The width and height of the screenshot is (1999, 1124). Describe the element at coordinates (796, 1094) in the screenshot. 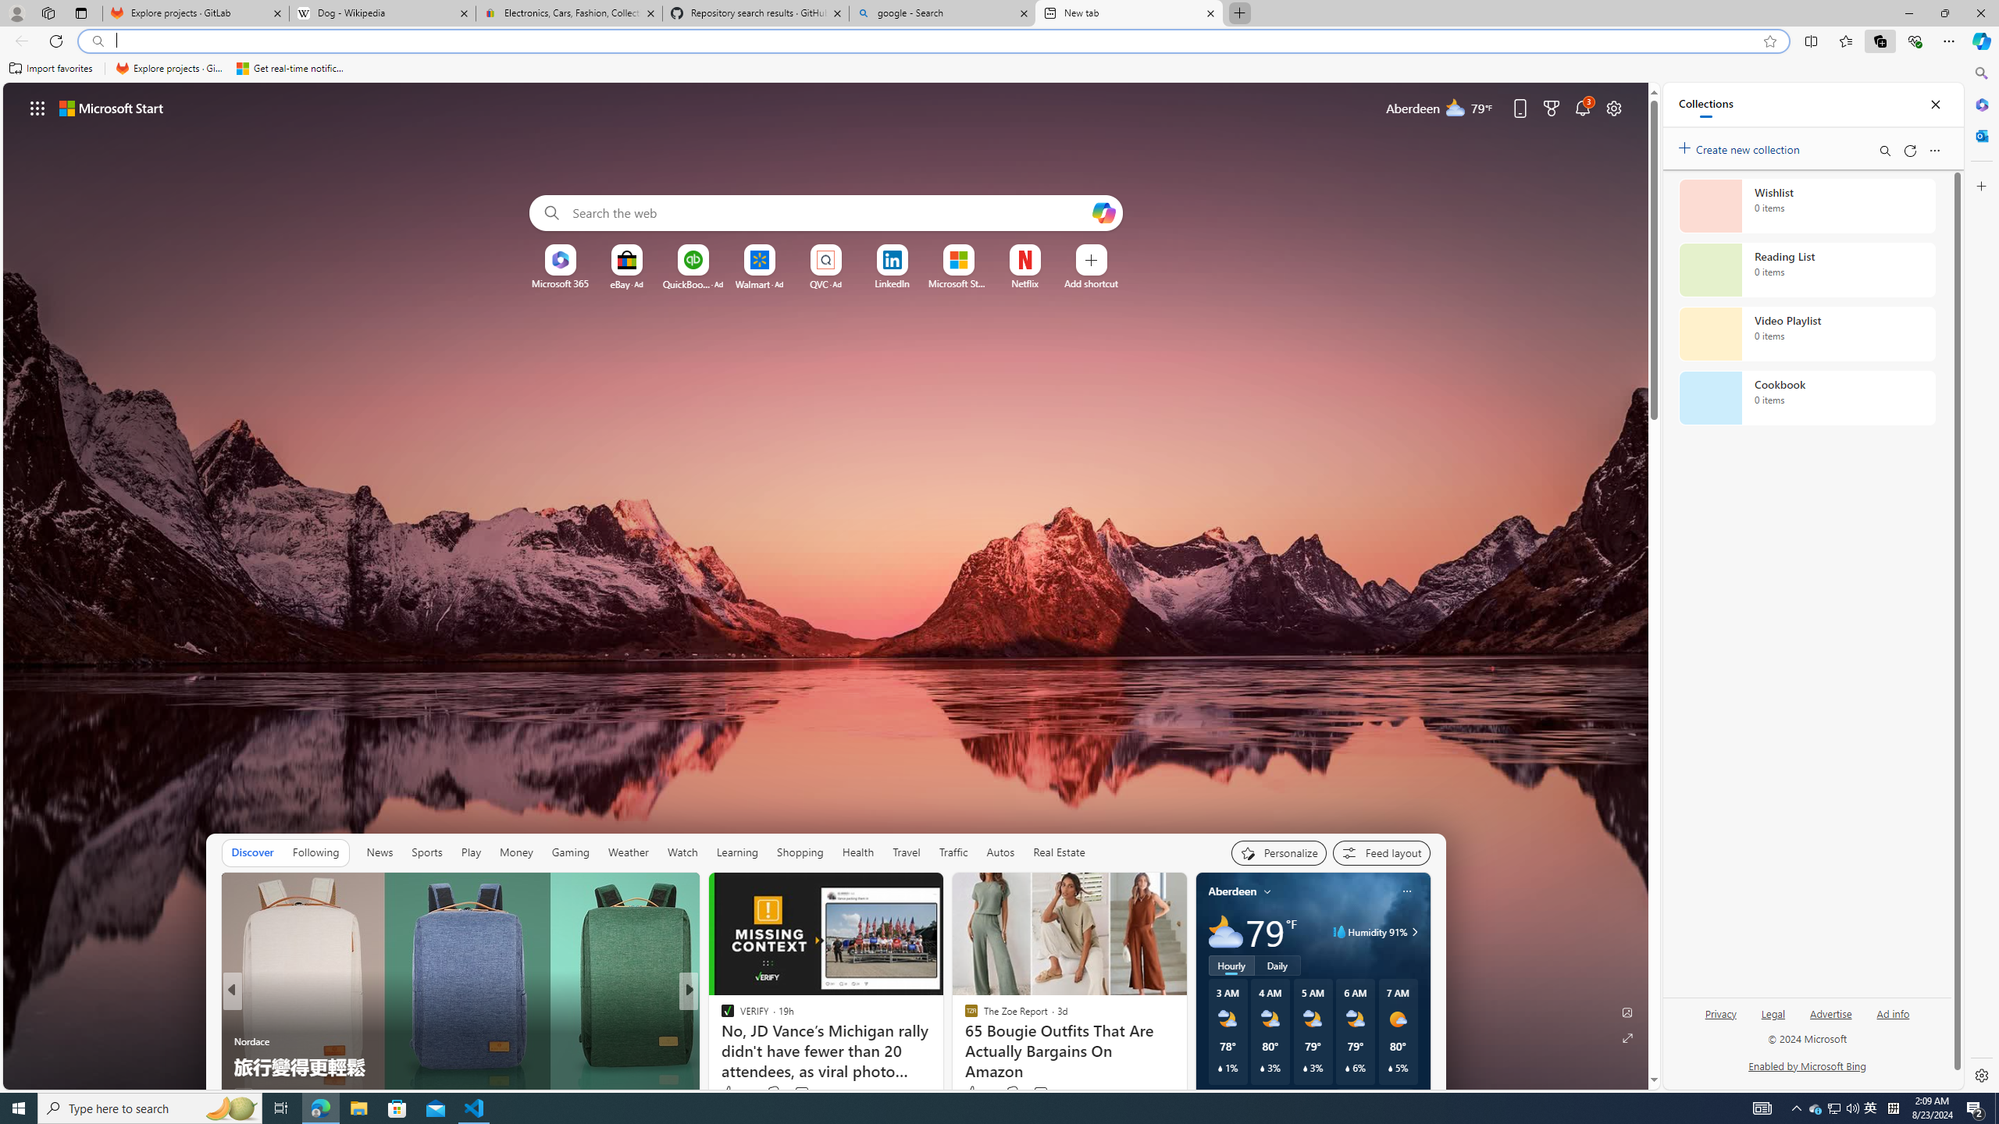

I see `'View comments 23 Comment'` at that location.